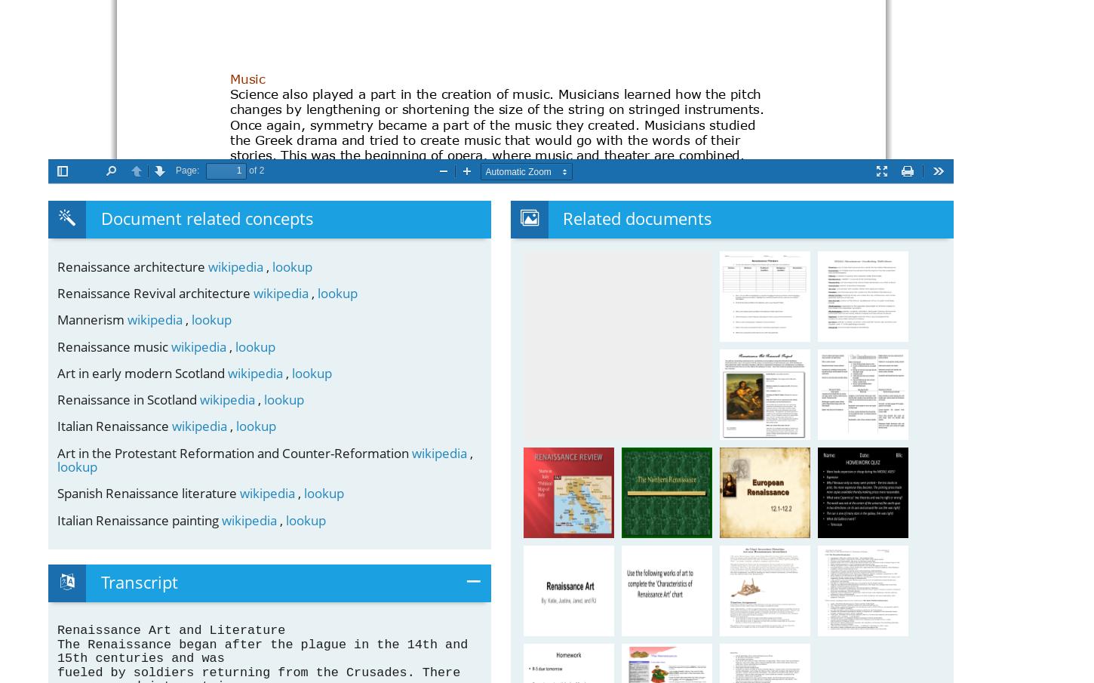 This screenshot has width=1094, height=683. Describe the element at coordinates (578, 572) in the screenshot. I see `'Renaissance Art'` at that location.